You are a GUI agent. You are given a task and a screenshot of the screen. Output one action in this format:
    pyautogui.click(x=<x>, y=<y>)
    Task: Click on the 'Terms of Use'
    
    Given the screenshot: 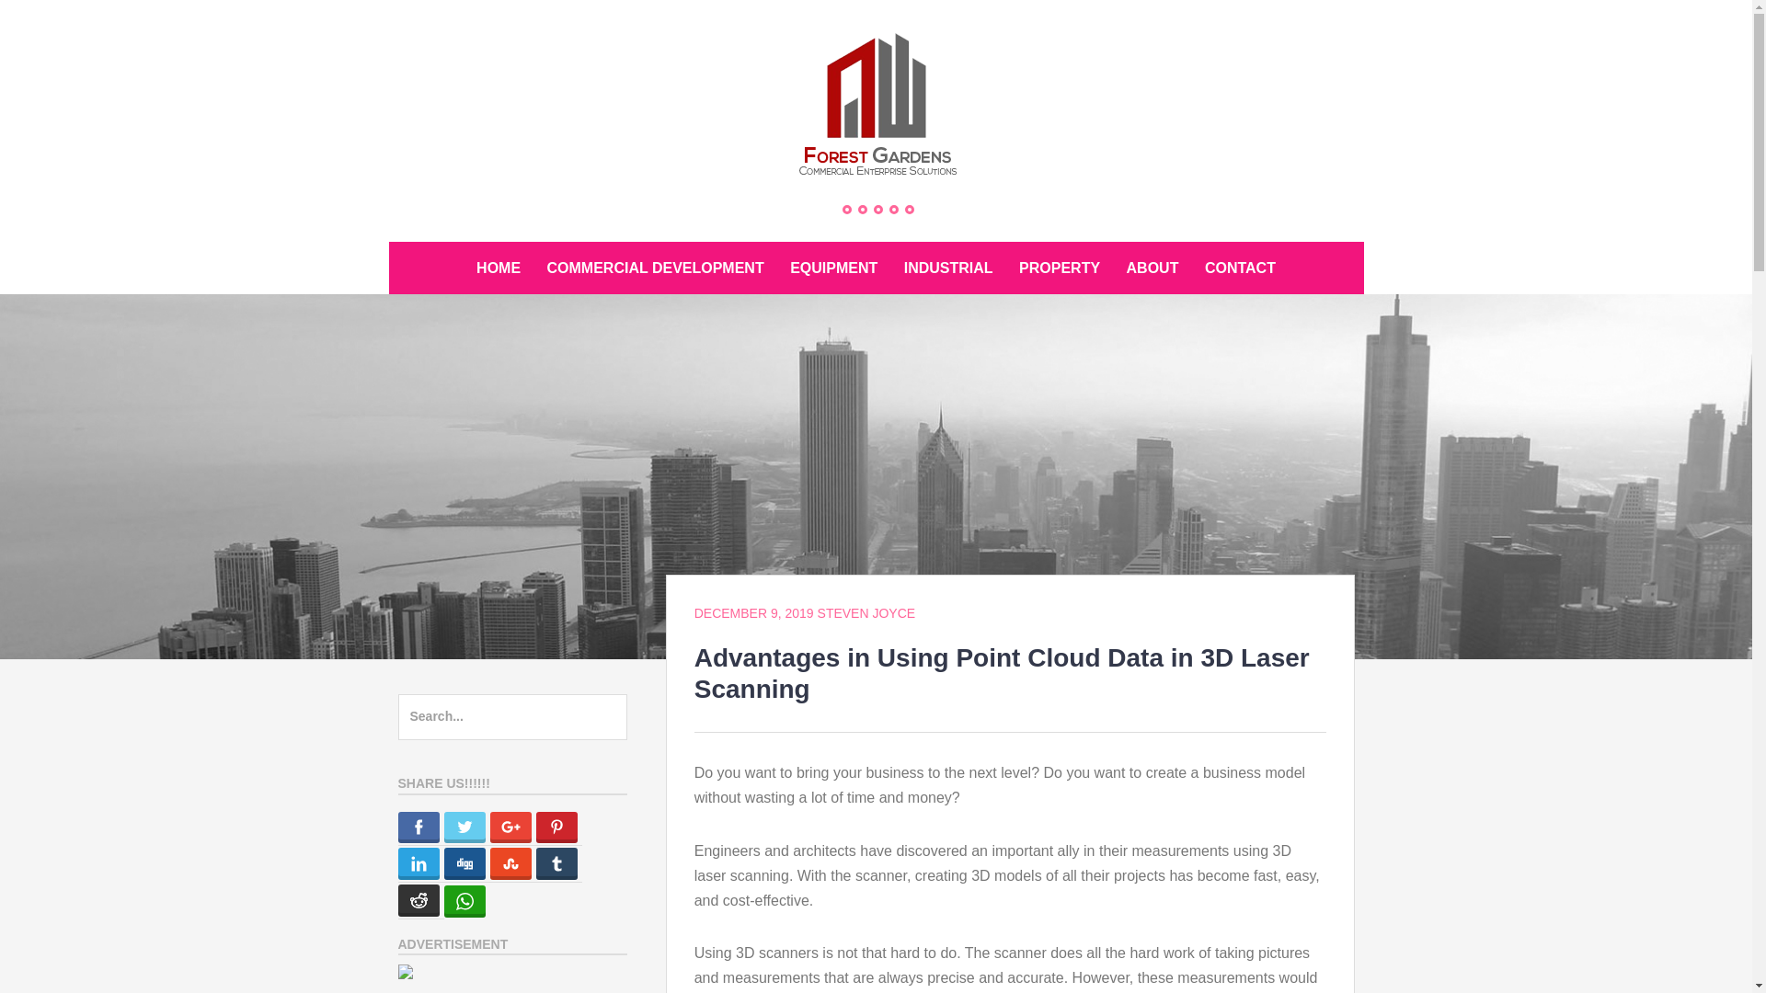 What is the action you would take?
    pyautogui.click(x=909, y=208)
    